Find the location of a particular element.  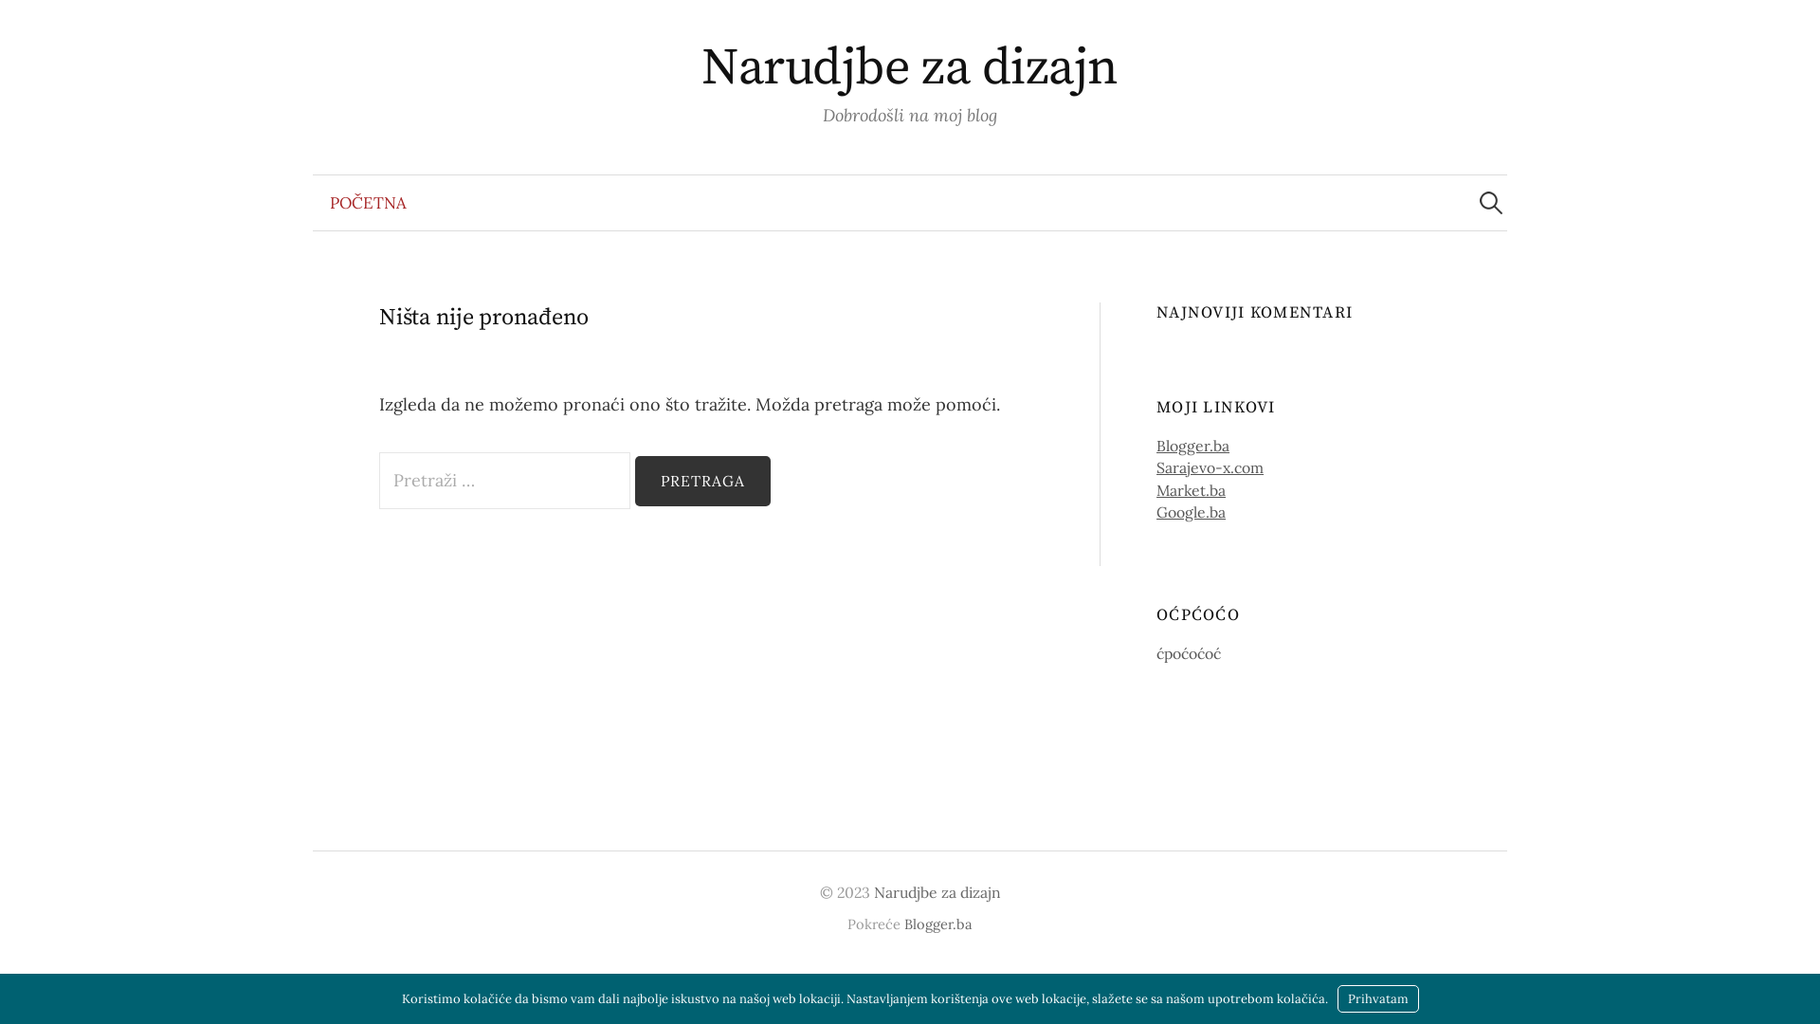

'Narudjbe za dizajn' is located at coordinates (908, 67).